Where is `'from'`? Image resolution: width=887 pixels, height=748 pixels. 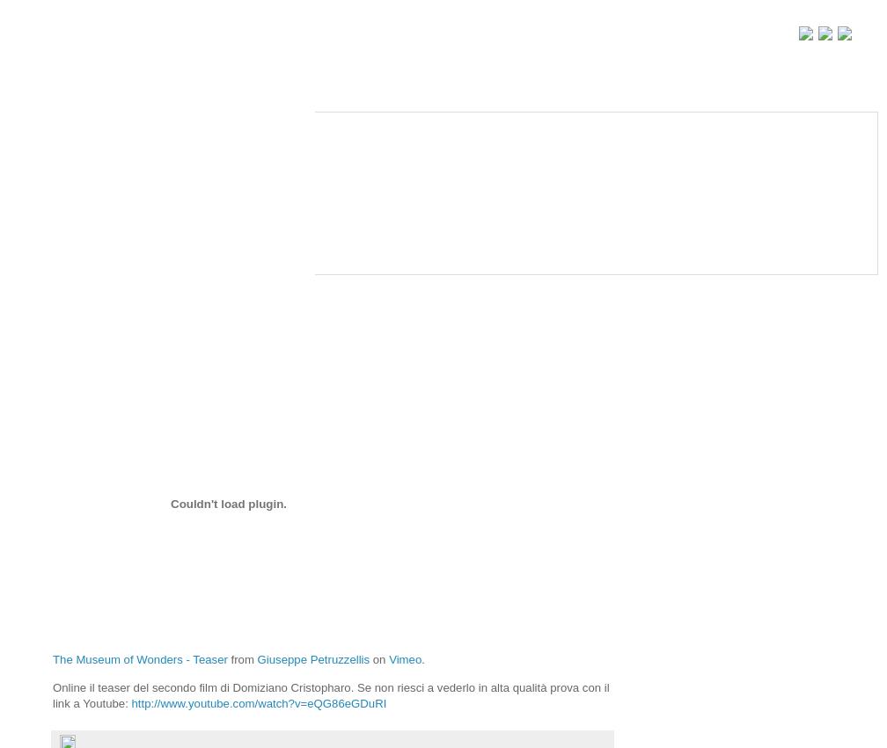 'from' is located at coordinates (227, 658).